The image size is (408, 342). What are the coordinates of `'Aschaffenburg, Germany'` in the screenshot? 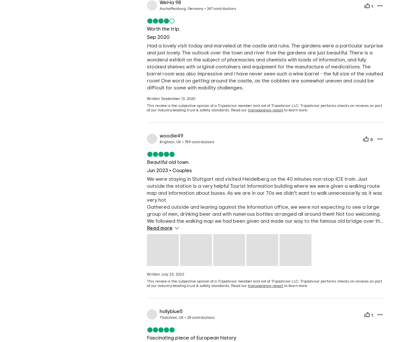 It's located at (181, 8).